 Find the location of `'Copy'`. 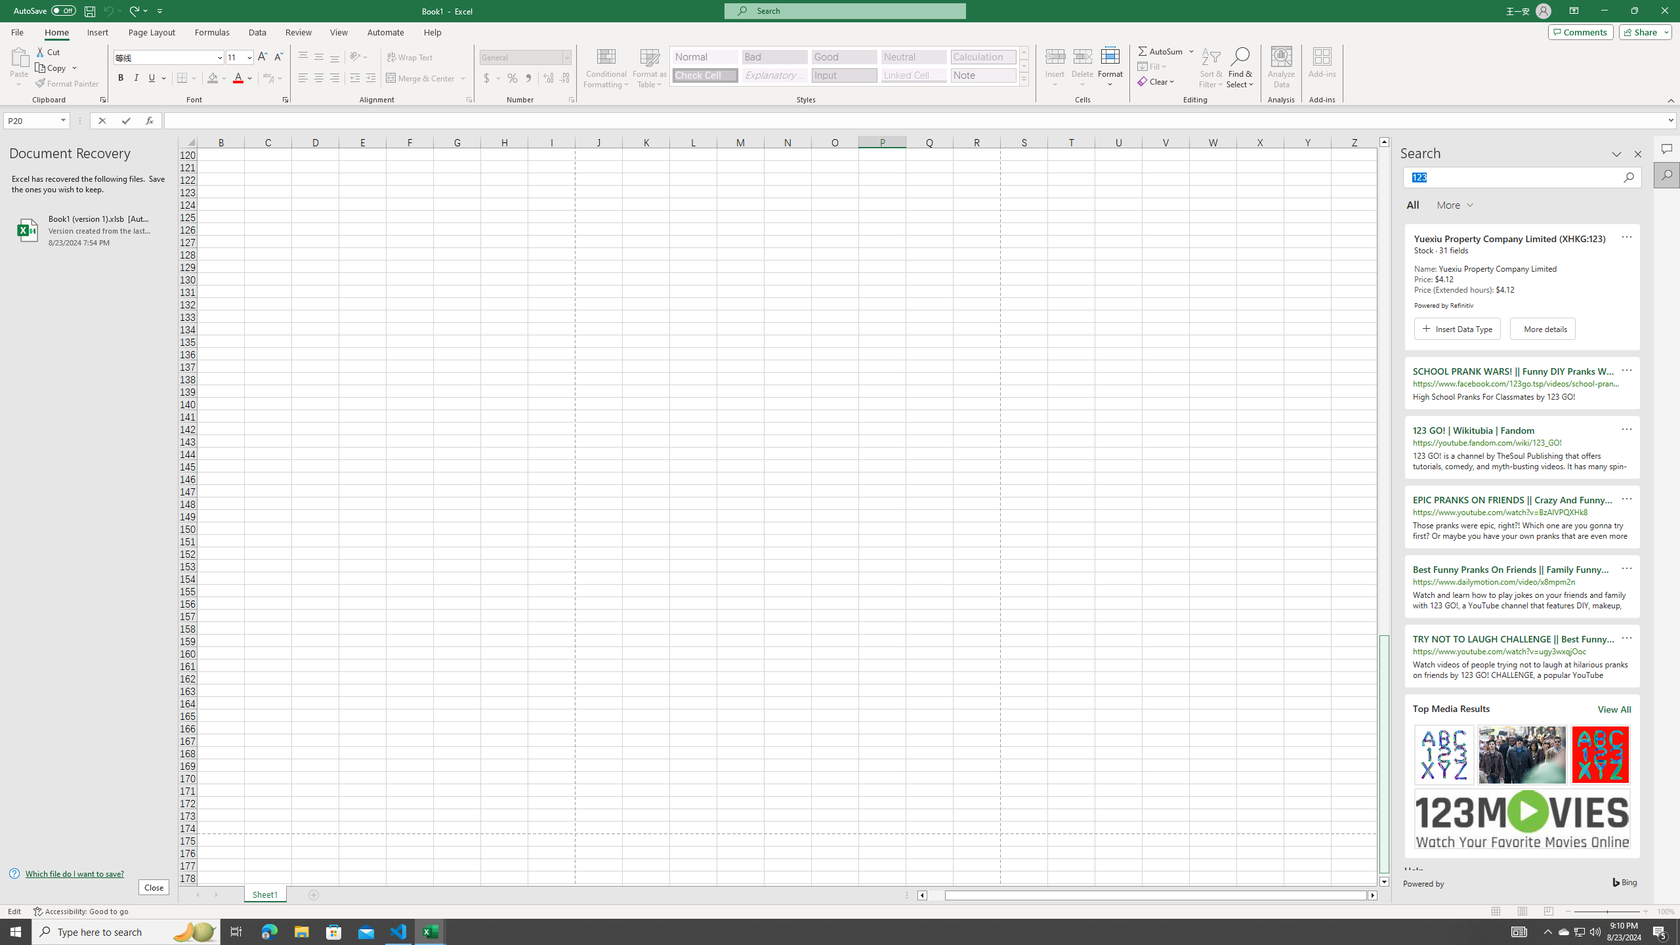

'Copy' is located at coordinates (56, 68).